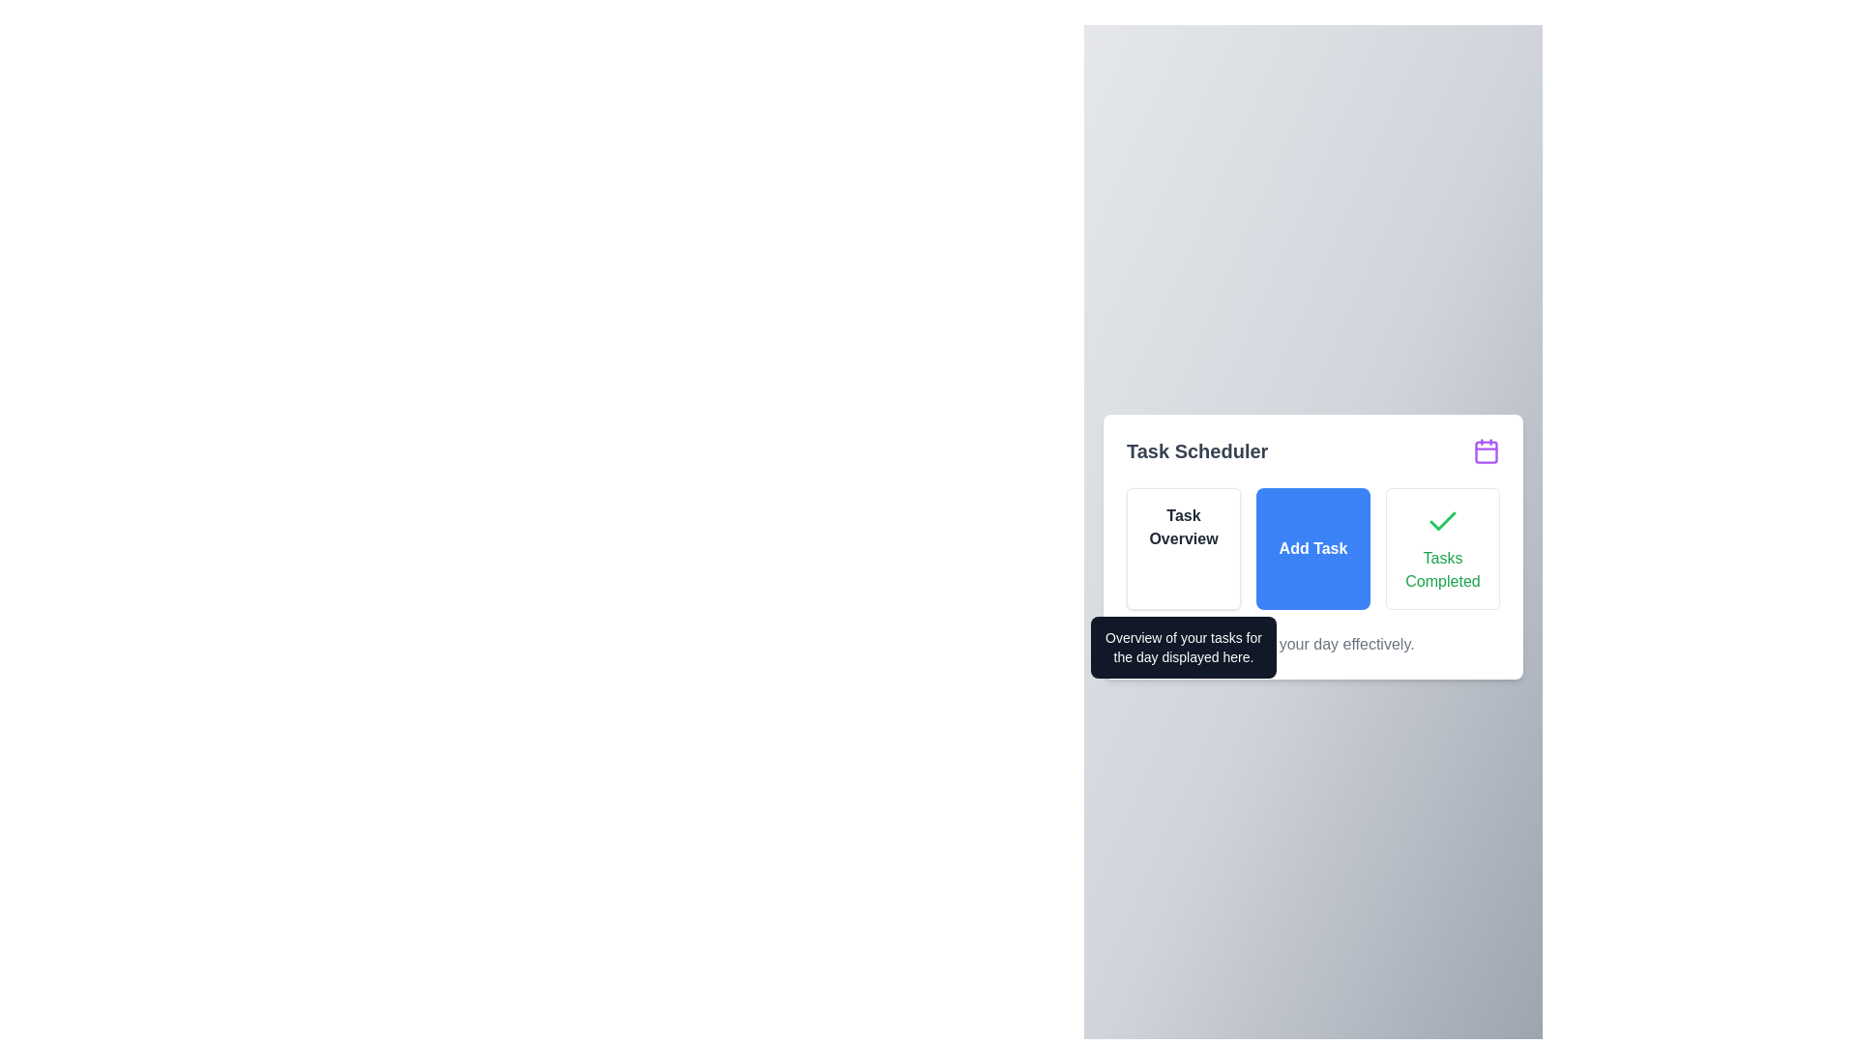 The height and width of the screenshot is (1044, 1857). I want to click on the 'Task Overview' label, which displays centered bold text in dark color on a white background, so click(1183, 528).